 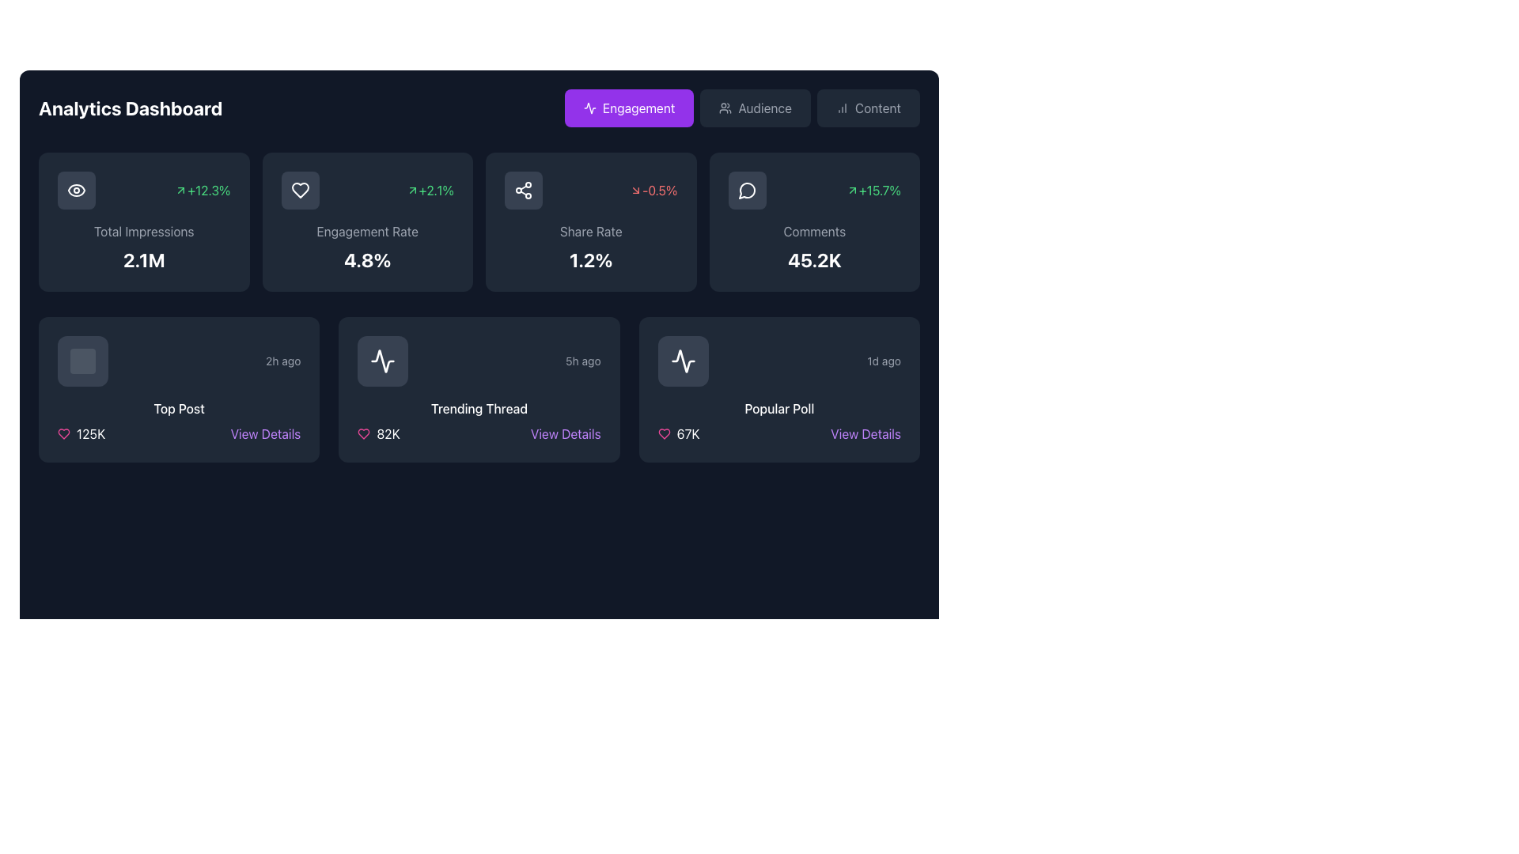 I want to click on the upward arrow icon located in the 'Total Impressions' tile near the text indicator '+12.3%', so click(x=181, y=189).